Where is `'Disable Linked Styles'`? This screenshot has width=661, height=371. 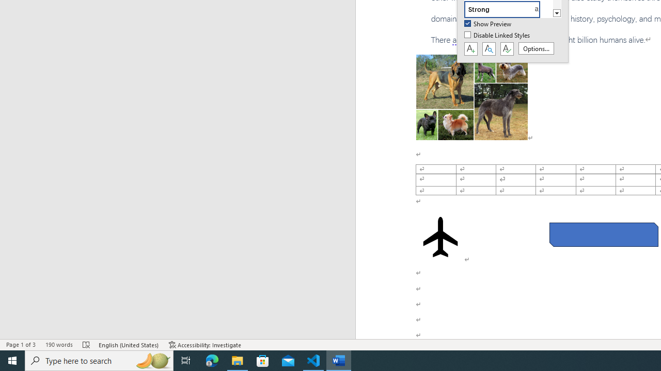 'Disable Linked Styles' is located at coordinates (498, 35).